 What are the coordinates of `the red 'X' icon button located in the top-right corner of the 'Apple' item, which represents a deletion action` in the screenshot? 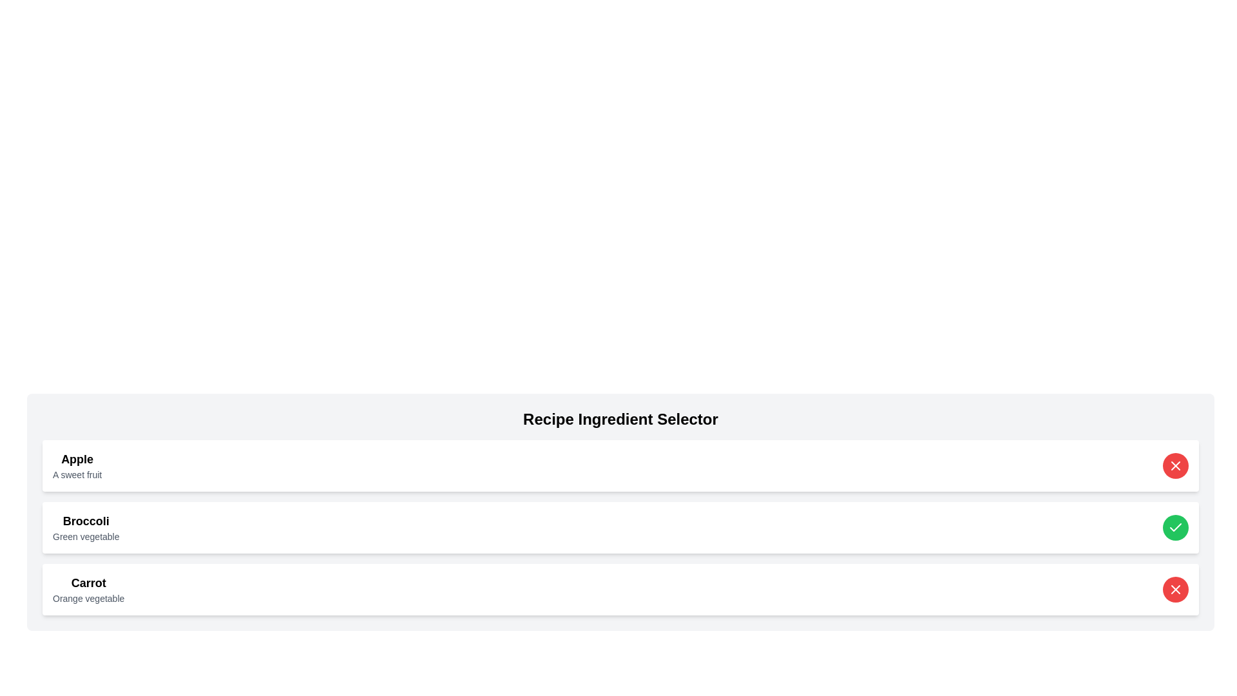 It's located at (1175, 589).